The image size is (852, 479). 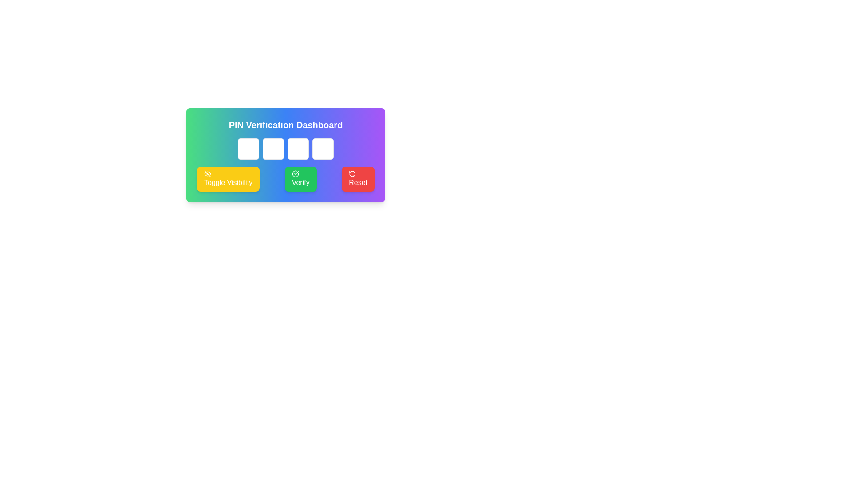 What do you see at coordinates (285, 179) in the screenshot?
I see `the 'Verify' button, which is the second button from the left in the horizontal row of three buttons on the 'PIN Verification Dashboard'` at bounding box center [285, 179].